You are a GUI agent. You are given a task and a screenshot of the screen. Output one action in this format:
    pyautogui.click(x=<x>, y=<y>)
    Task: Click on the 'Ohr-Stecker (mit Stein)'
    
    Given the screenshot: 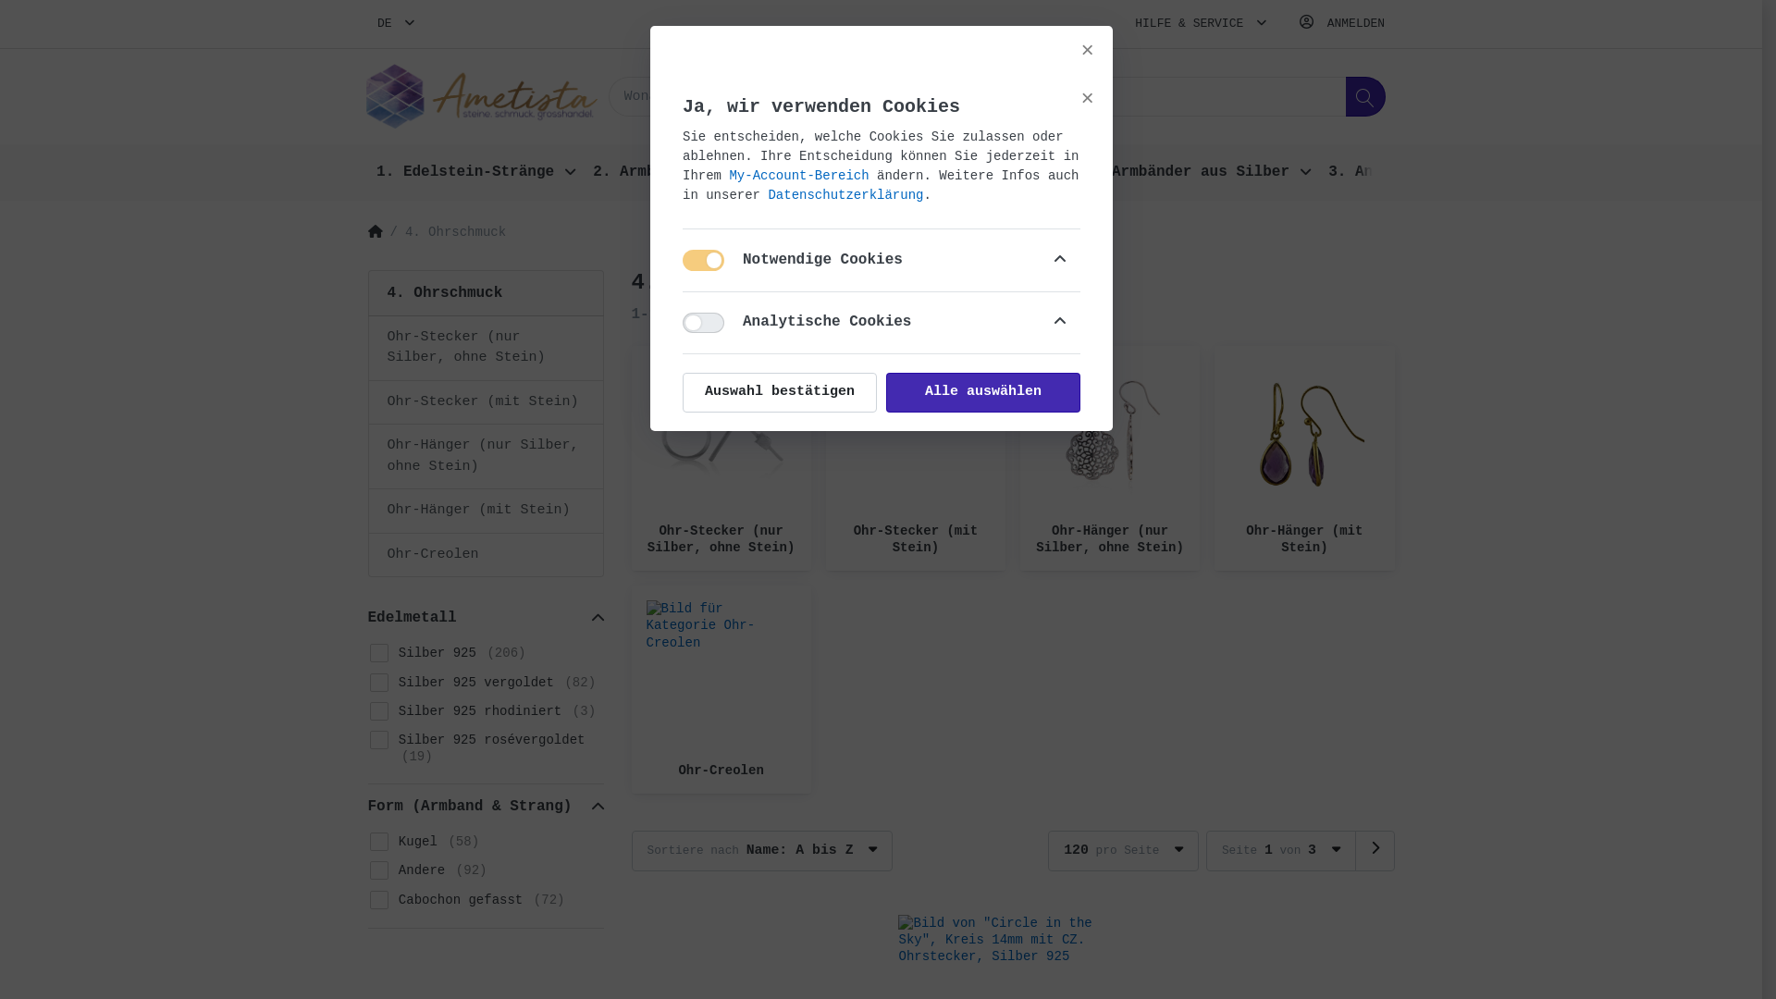 What is the action you would take?
    pyautogui.click(x=915, y=538)
    